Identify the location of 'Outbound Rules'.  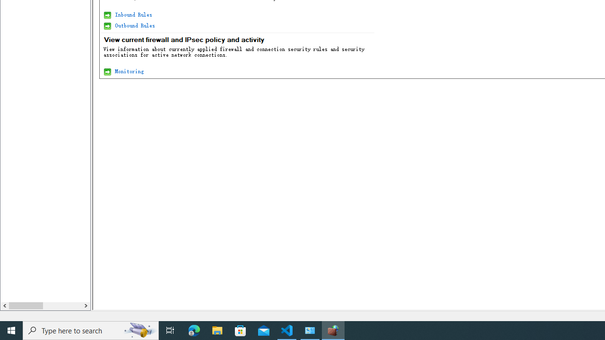
(134, 25).